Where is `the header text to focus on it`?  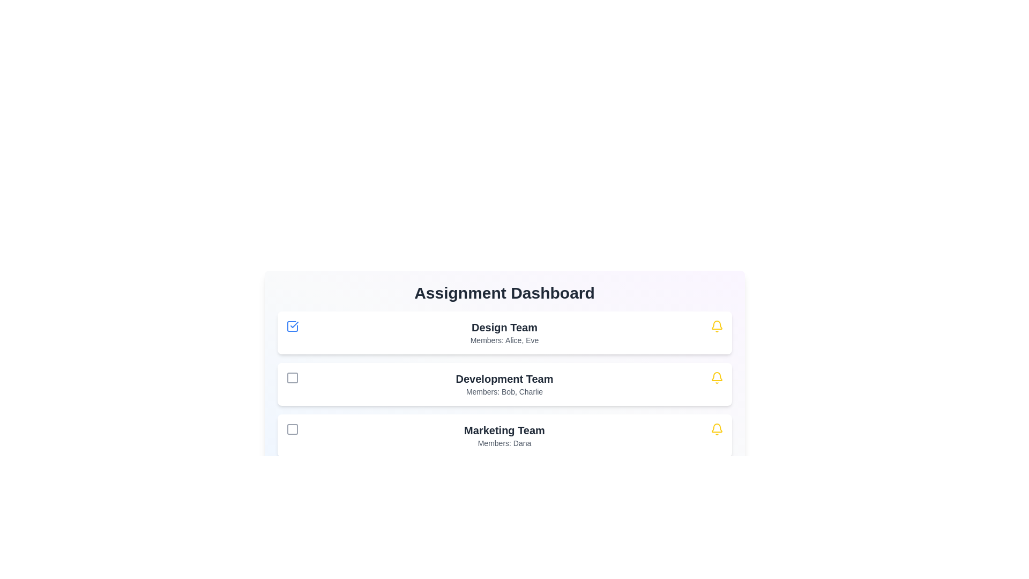
the header text to focus on it is located at coordinates (504, 293).